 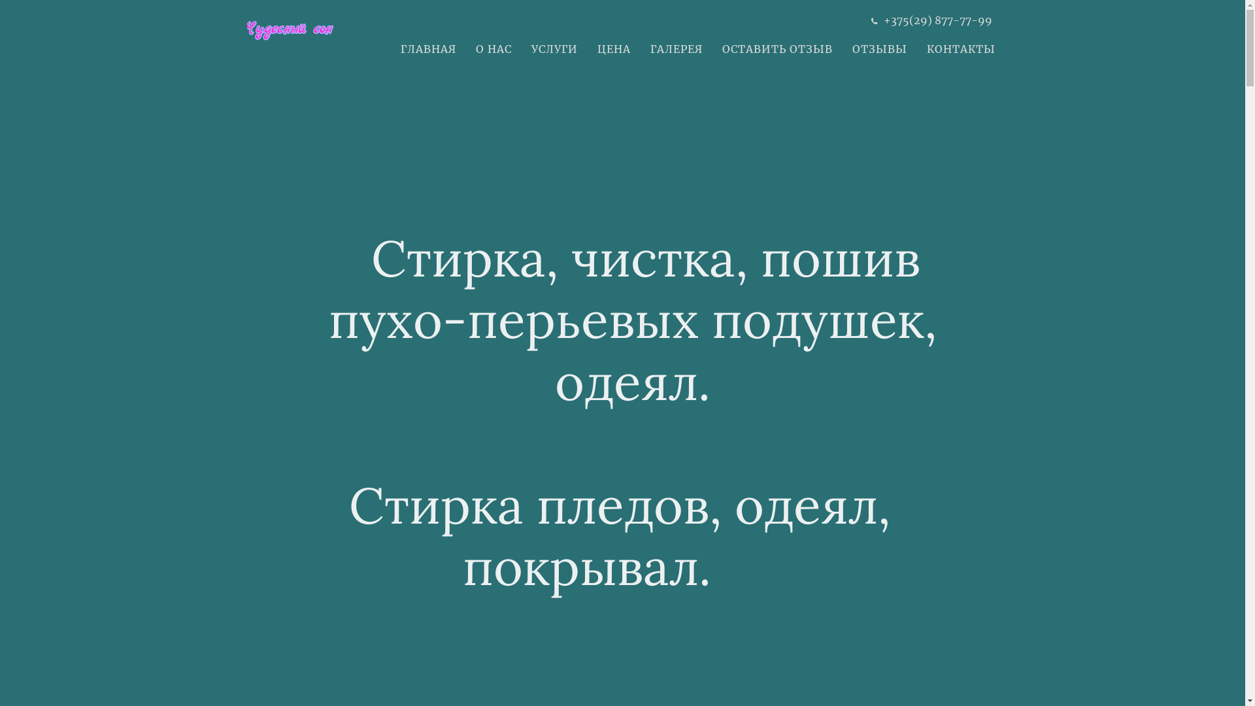 I want to click on '+375(29) 877-77-99', so click(x=937, y=20).